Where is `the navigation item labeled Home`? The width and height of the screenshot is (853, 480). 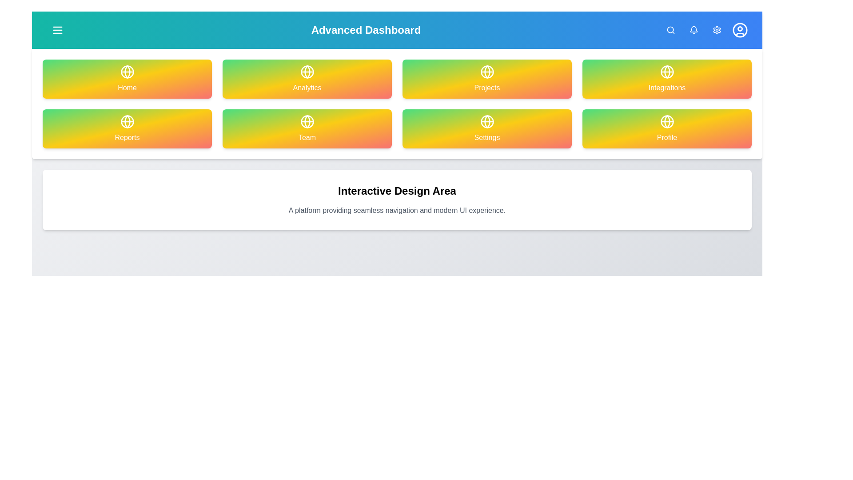
the navigation item labeled Home is located at coordinates (127, 78).